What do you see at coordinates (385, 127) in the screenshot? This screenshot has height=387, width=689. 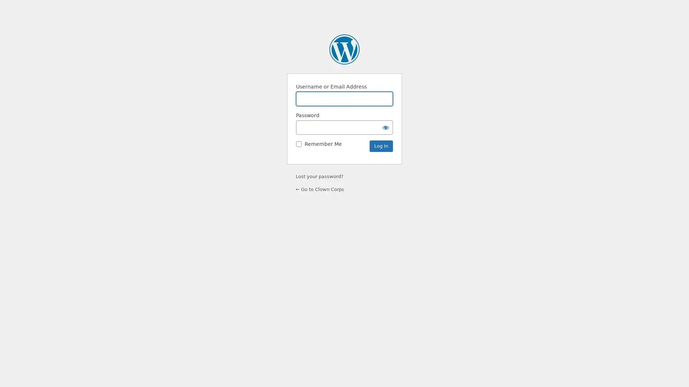 I see `Show password` at bounding box center [385, 127].